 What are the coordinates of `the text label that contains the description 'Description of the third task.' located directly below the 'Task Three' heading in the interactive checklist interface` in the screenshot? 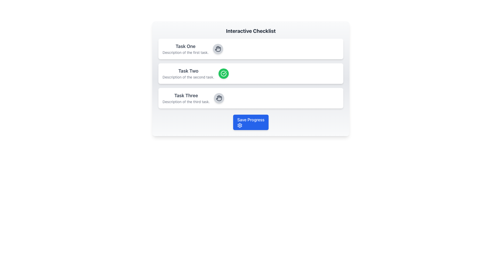 It's located at (186, 102).